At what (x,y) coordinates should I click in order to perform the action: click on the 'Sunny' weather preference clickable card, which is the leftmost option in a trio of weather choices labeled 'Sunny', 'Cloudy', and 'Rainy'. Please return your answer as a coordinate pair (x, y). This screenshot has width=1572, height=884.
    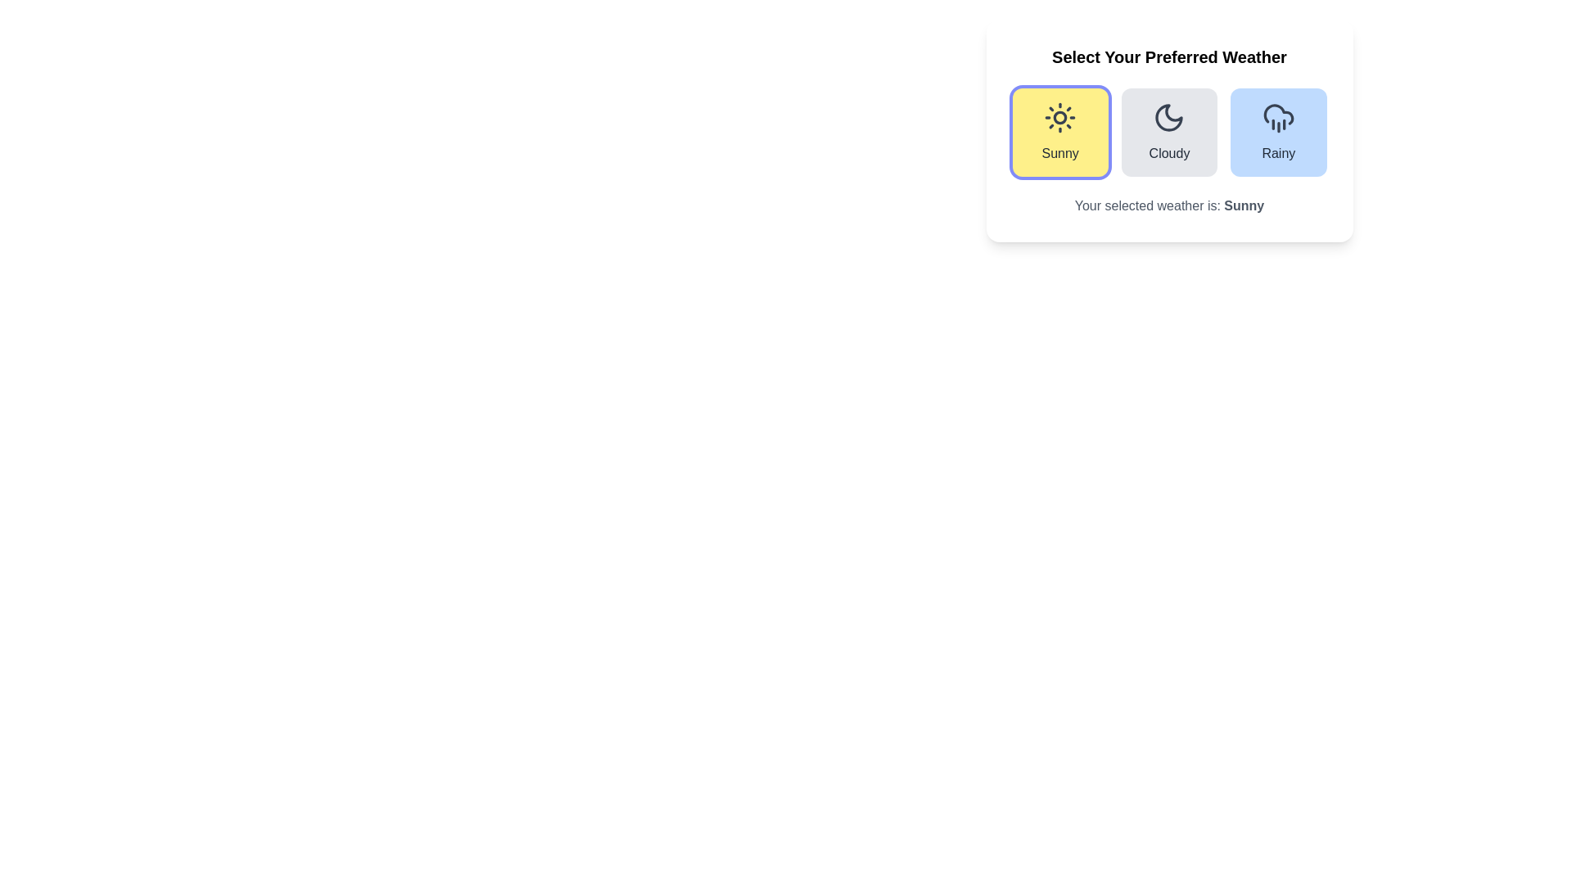
    Looking at the image, I should click on (1060, 132).